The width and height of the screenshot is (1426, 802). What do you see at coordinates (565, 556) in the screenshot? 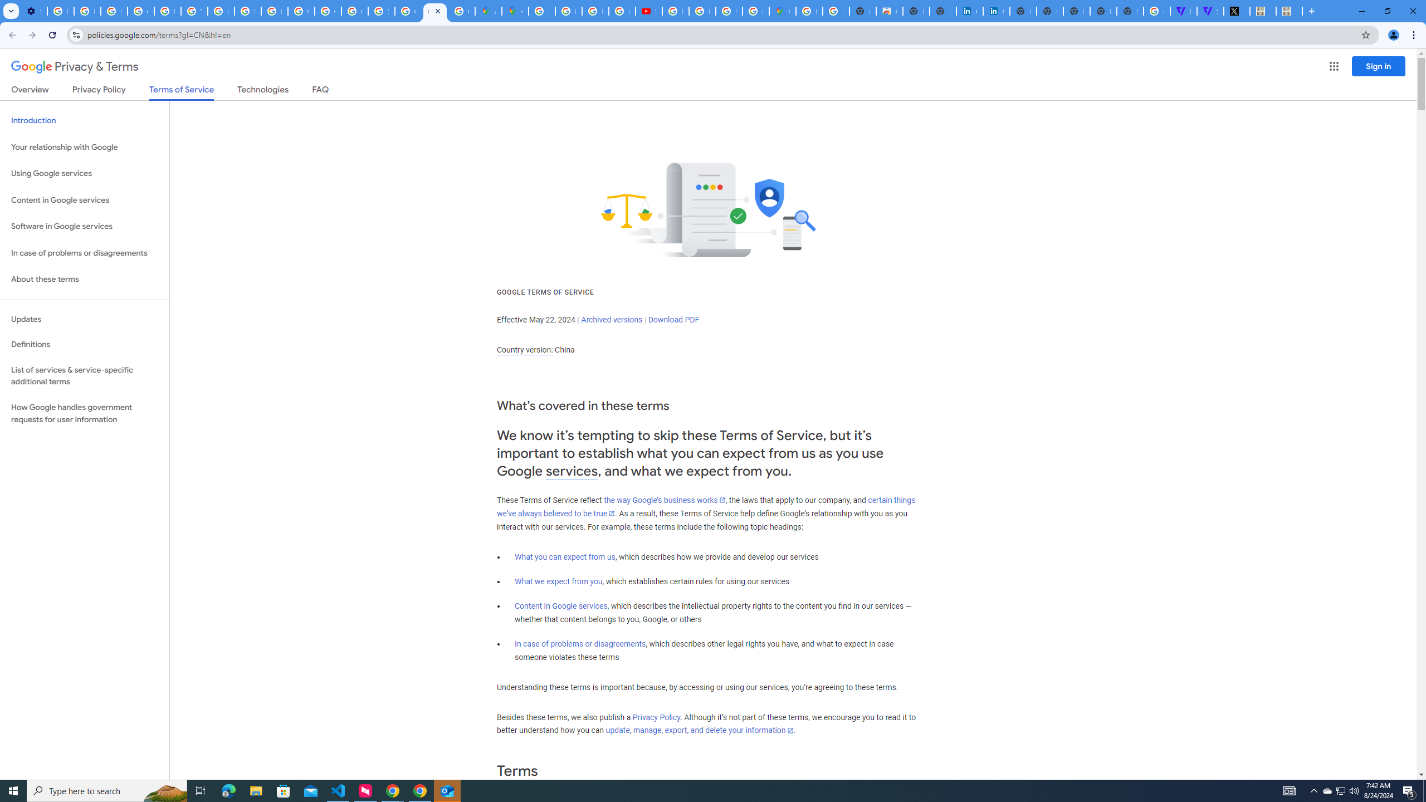
I see `'What you can expect from us'` at bounding box center [565, 556].